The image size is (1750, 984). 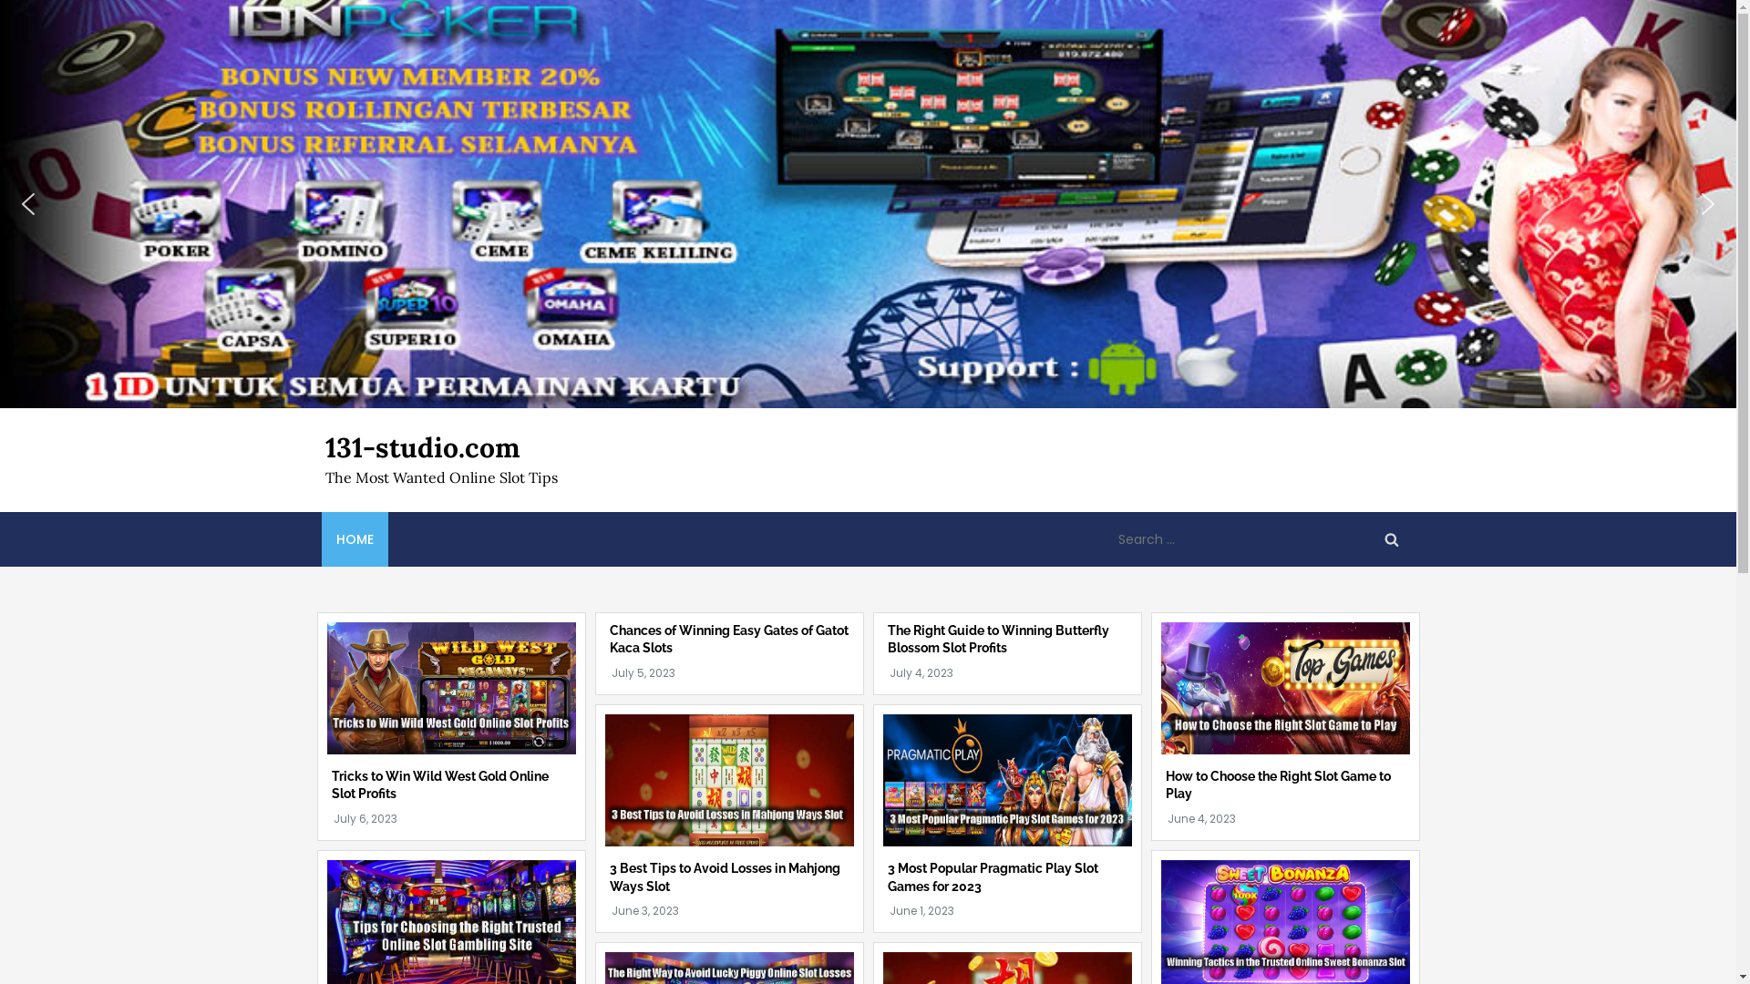 What do you see at coordinates (1276, 784) in the screenshot?
I see `'How to Choose the Right Slot Game to Play'` at bounding box center [1276, 784].